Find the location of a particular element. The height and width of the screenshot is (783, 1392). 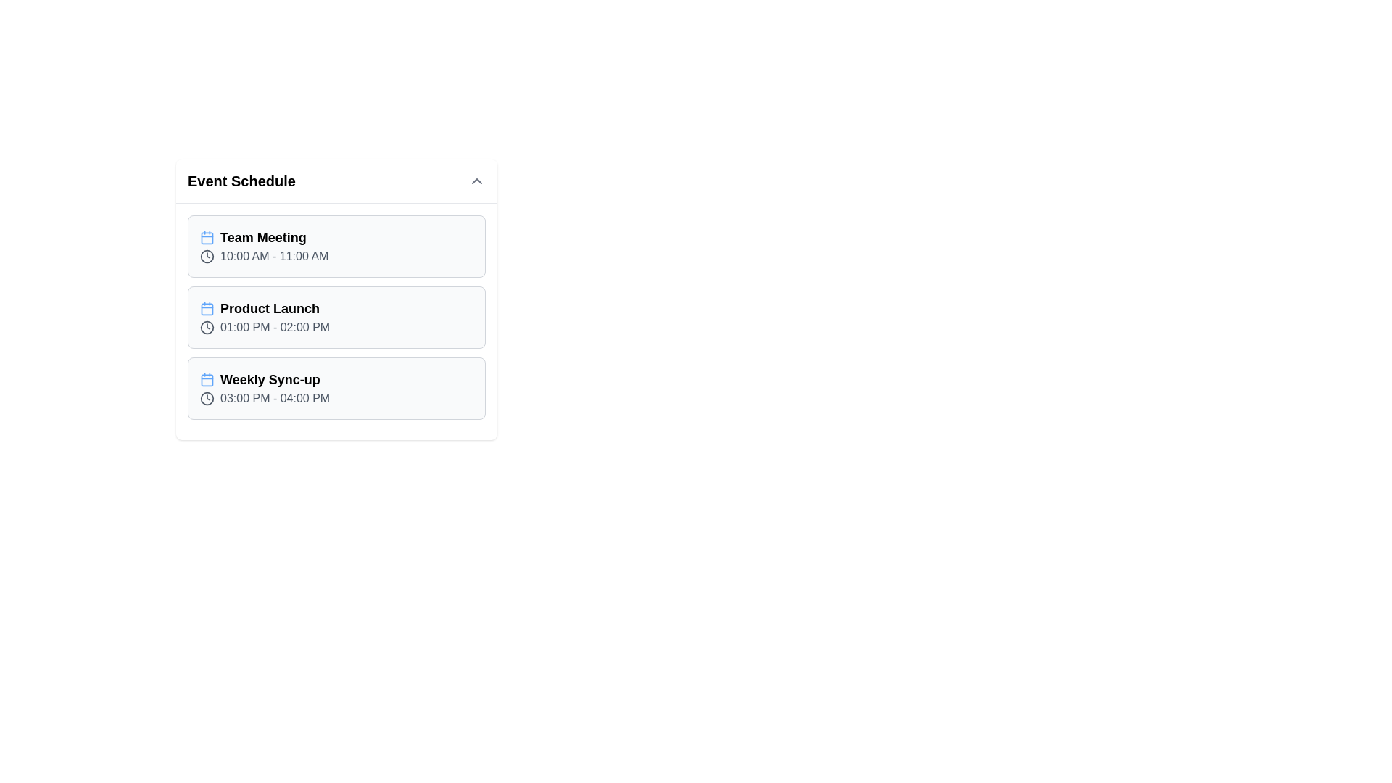

the calendar marker element positioned to the left of the 'Product Launch' event entry in the 'Event Schedule' list is located at coordinates (207, 307).